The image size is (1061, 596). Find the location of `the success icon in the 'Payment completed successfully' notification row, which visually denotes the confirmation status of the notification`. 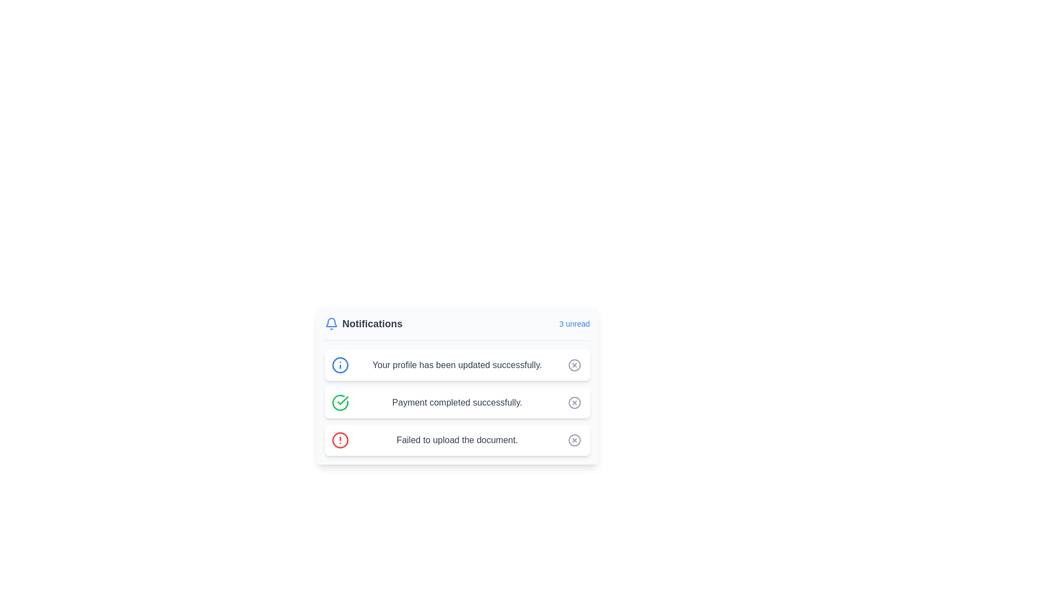

the success icon in the 'Payment completed successfully' notification row, which visually denotes the confirmation status of the notification is located at coordinates (339, 402).